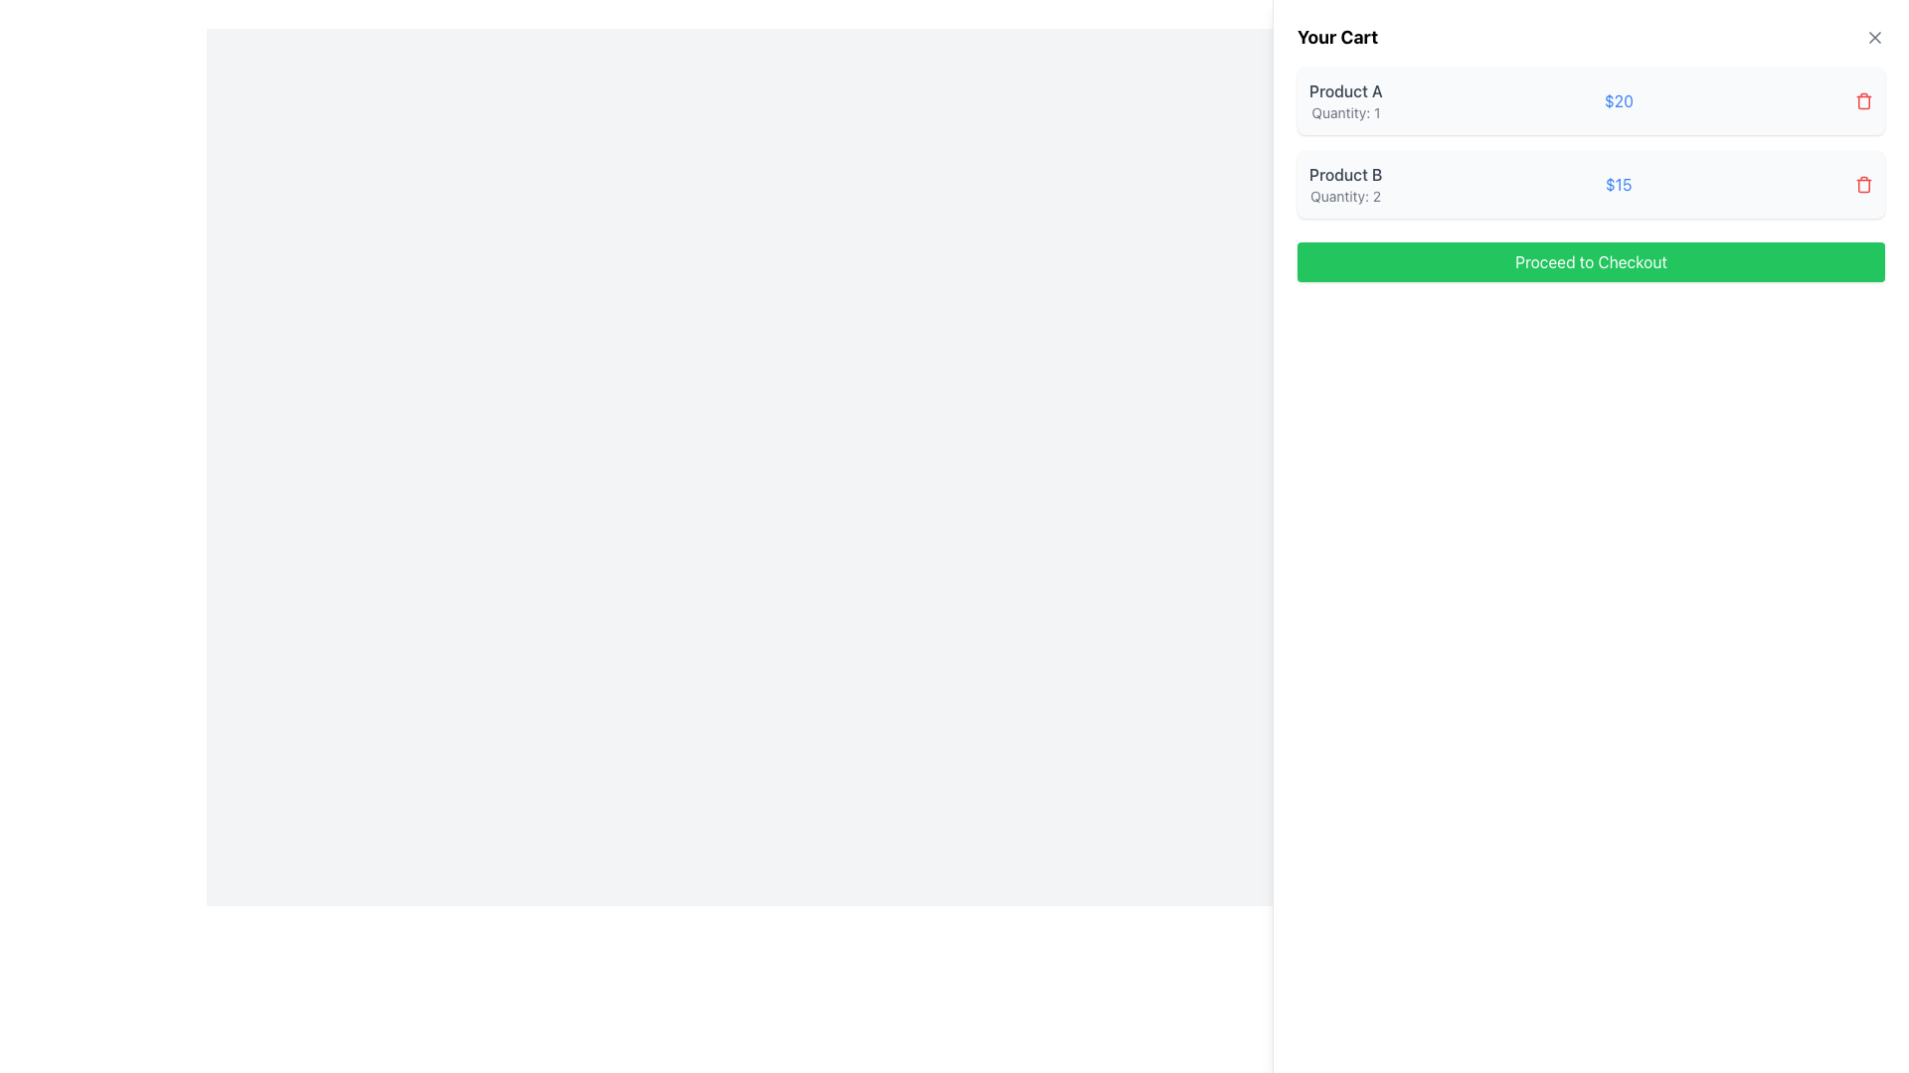  Describe the element at coordinates (1863, 100) in the screenshot. I see `the delete icon button located to the right of the 'Product A' entry` at that location.